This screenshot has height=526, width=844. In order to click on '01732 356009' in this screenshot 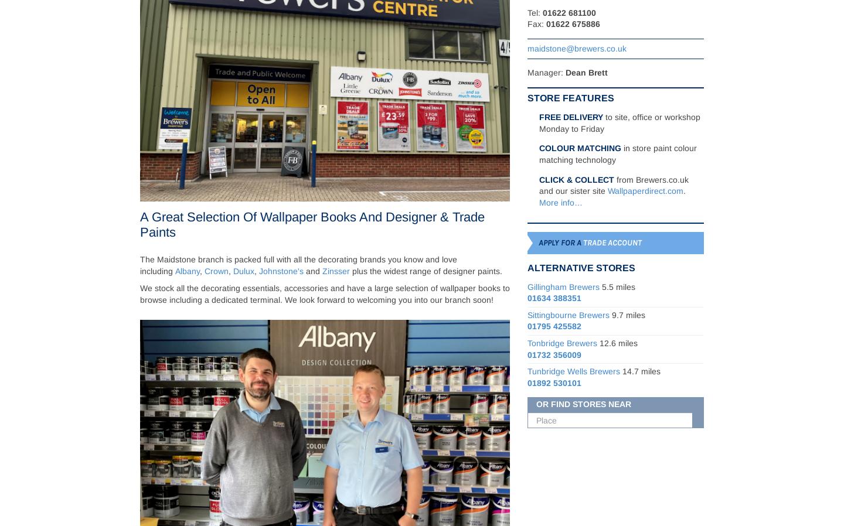, I will do `click(527, 353)`.